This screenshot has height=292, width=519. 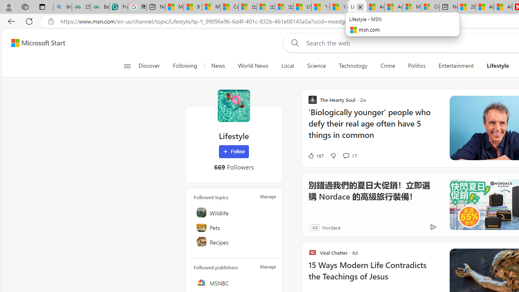 What do you see at coordinates (62, 7) in the screenshot?
I see `'linux basic - Search'` at bounding box center [62, 7].